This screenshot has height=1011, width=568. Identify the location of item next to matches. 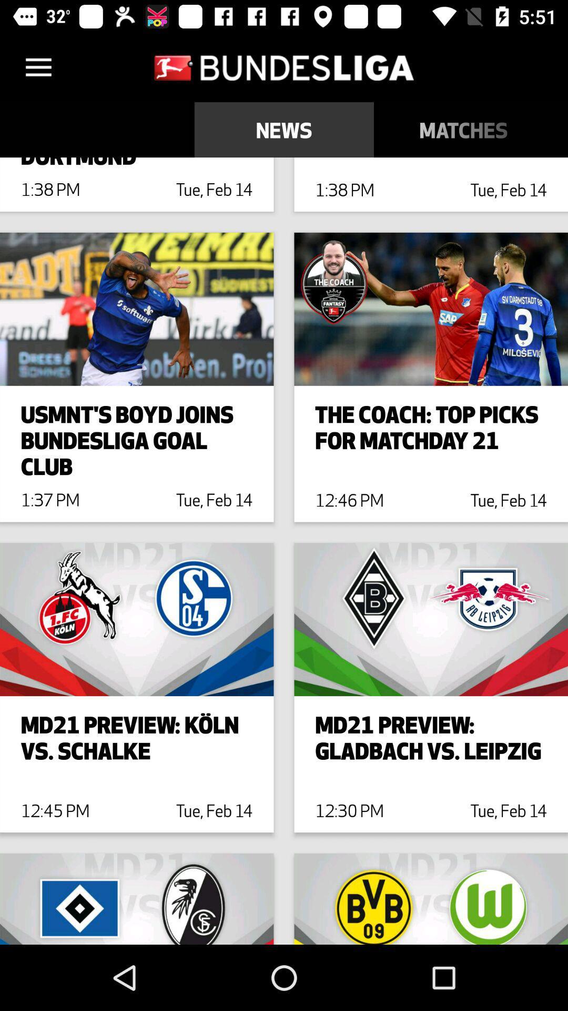
(560, 129).